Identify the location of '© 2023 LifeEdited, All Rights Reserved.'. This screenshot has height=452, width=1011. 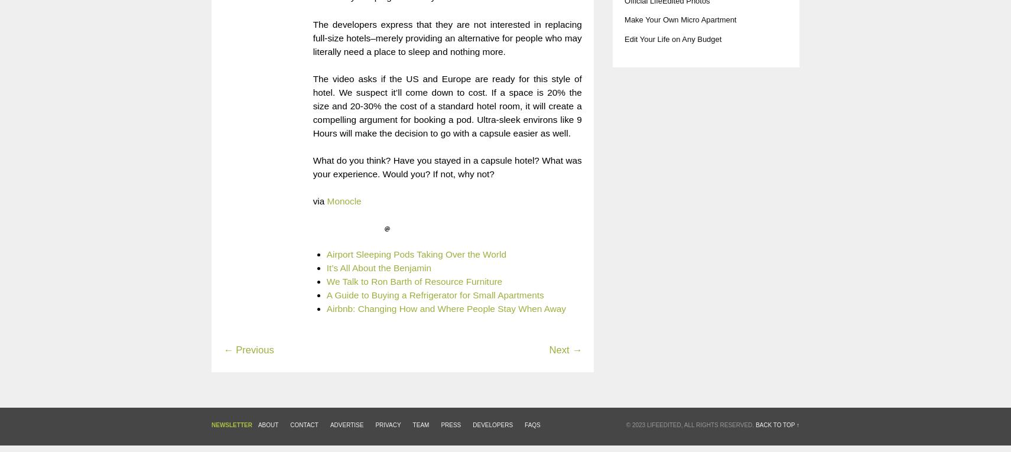
(690, 424).